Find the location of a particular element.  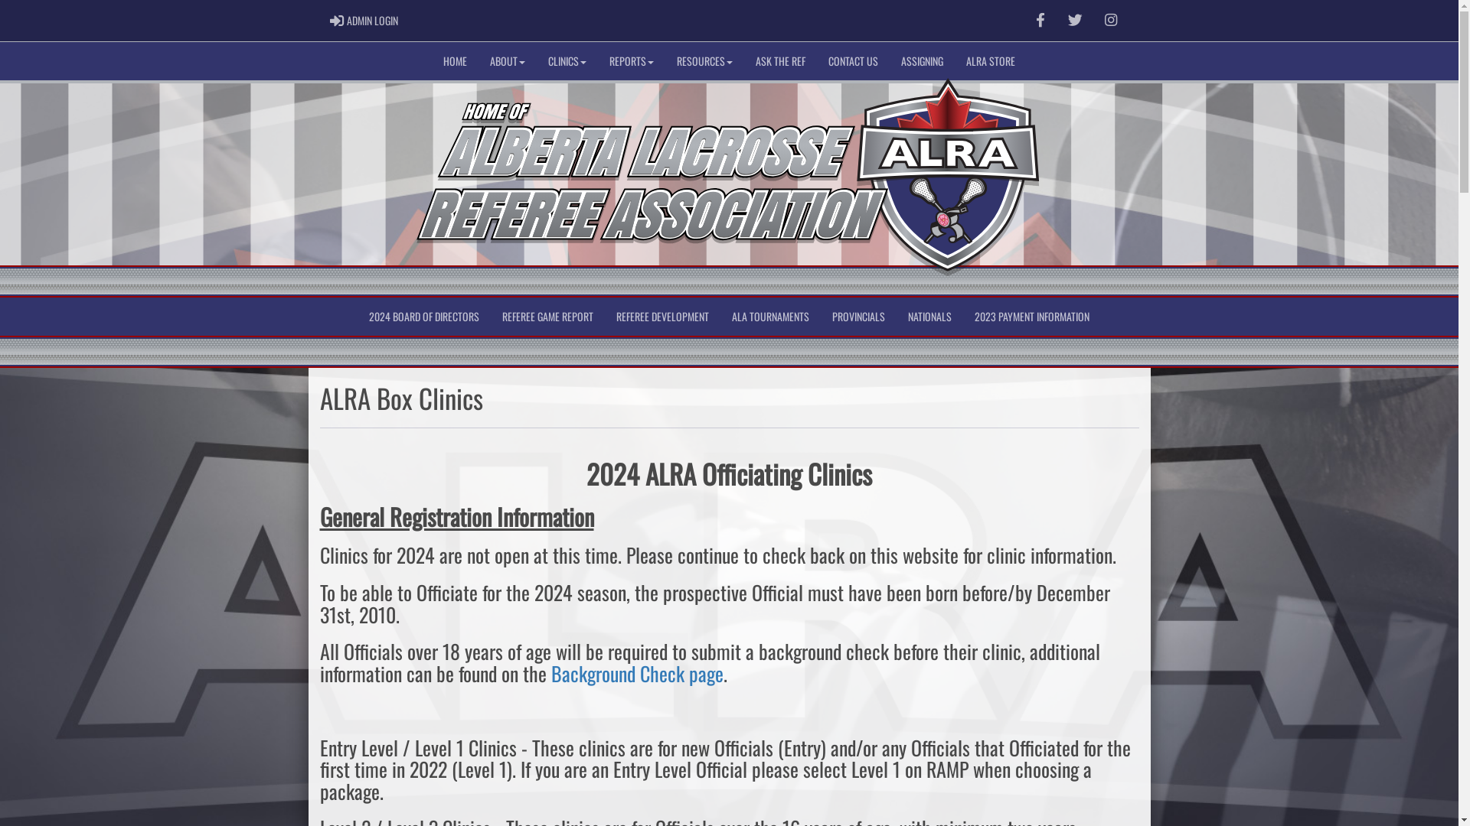

'REFEREE DEVELOPMENT' is located at coordinates (662, 315).